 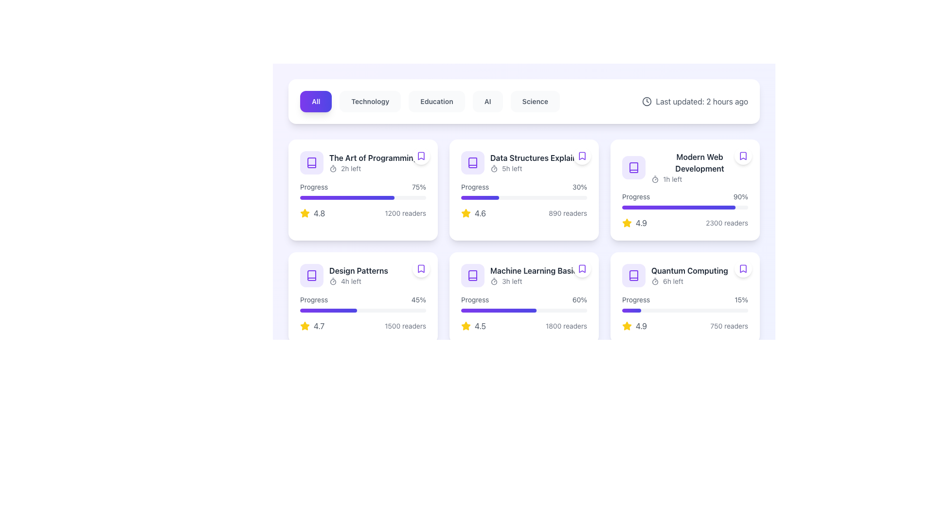 What do you see at coordinates (319, 213) in the screenshot?
I see `the static text displaying the rating '4.8' in gray-colored font, which is located to the right of the yellow star icon in the top-left card of a grid layout` at bounding box center [319, 213].